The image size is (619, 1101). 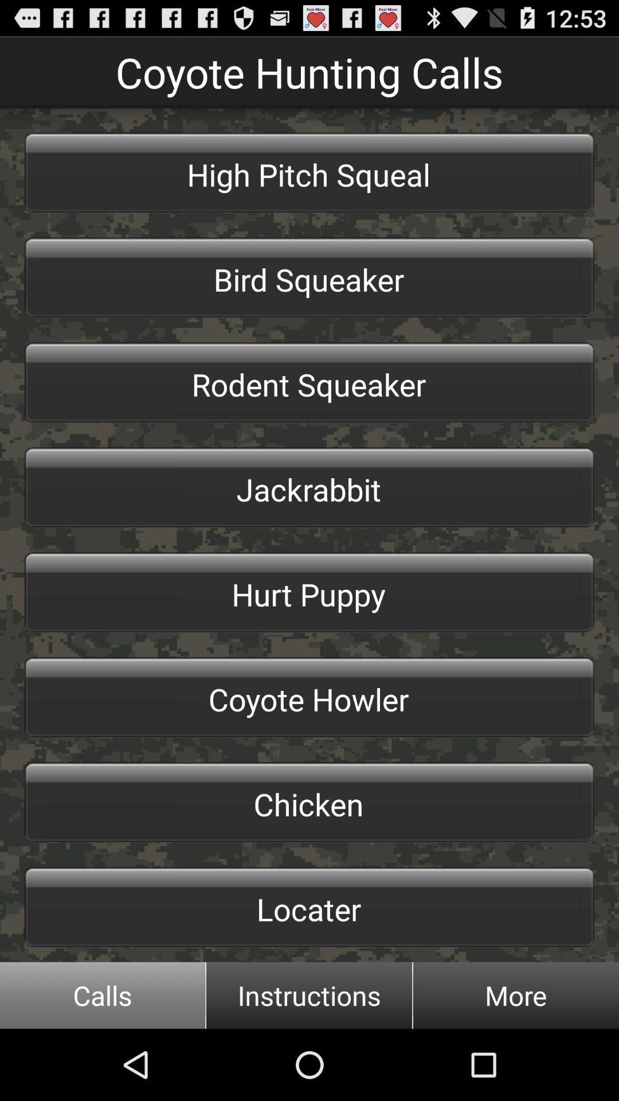 I want to click on hurt puppy button, so click(x=309, y=592).